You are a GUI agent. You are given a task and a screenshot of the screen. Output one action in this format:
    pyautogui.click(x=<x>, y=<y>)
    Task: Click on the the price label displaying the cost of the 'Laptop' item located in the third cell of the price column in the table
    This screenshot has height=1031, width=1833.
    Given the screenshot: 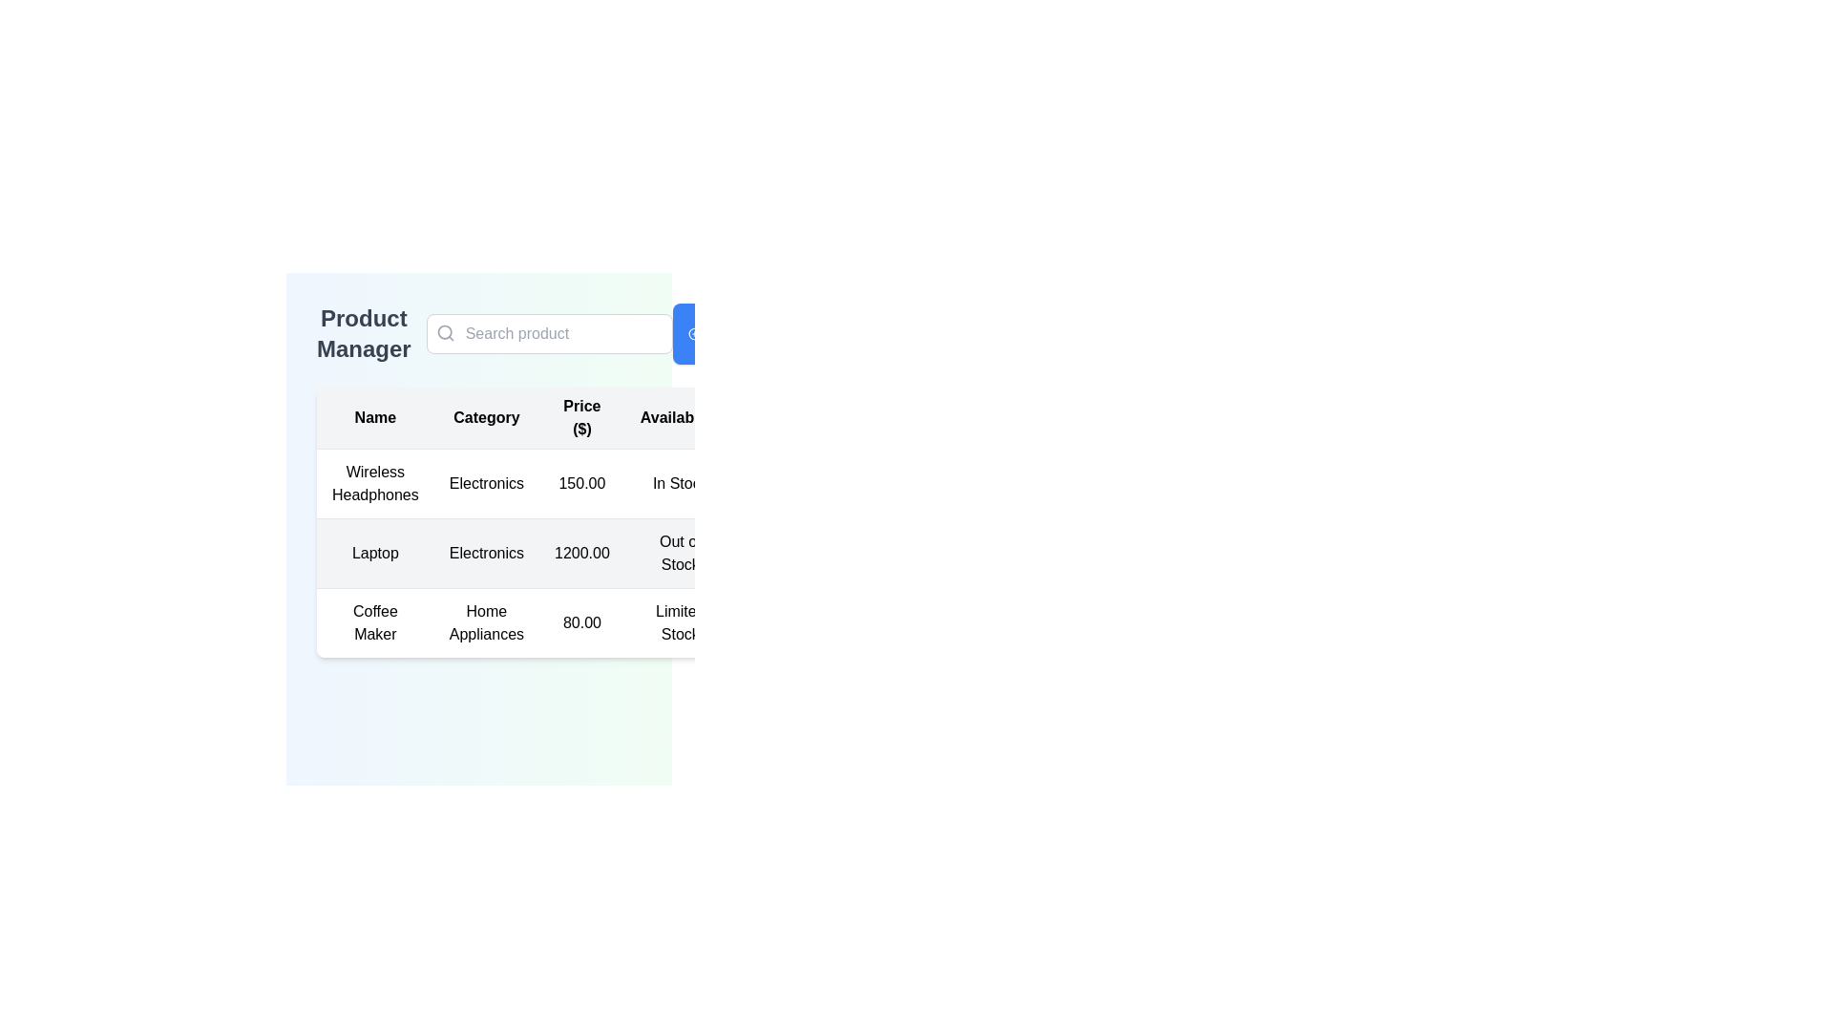 What is the action you would take?
    pyautogui.click(x=580, y=553)
    